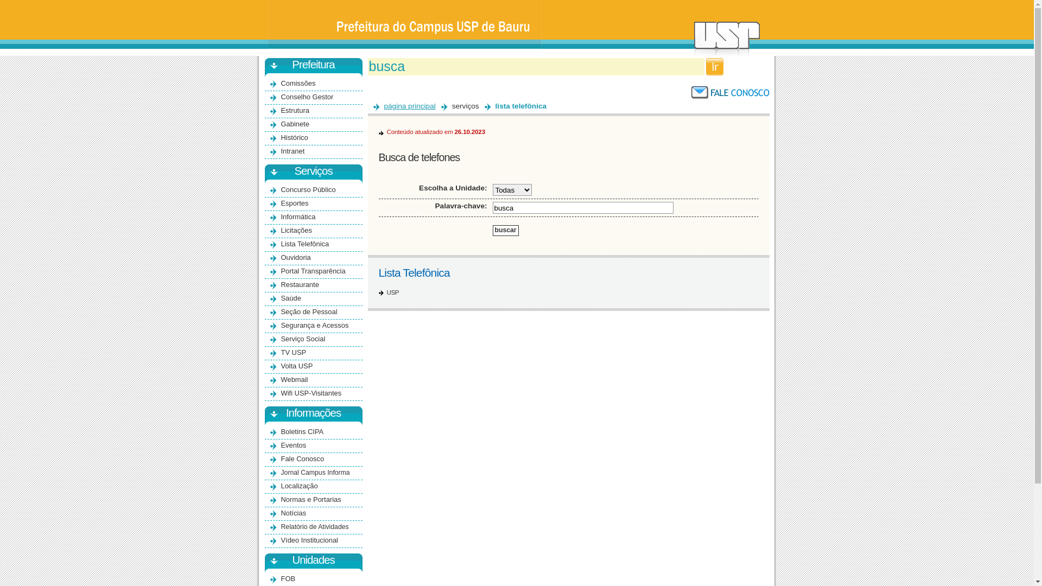 Image resolution: width=1042 pixels, height=586 pixels. I want to click on 'FOB', so click(288, 578).